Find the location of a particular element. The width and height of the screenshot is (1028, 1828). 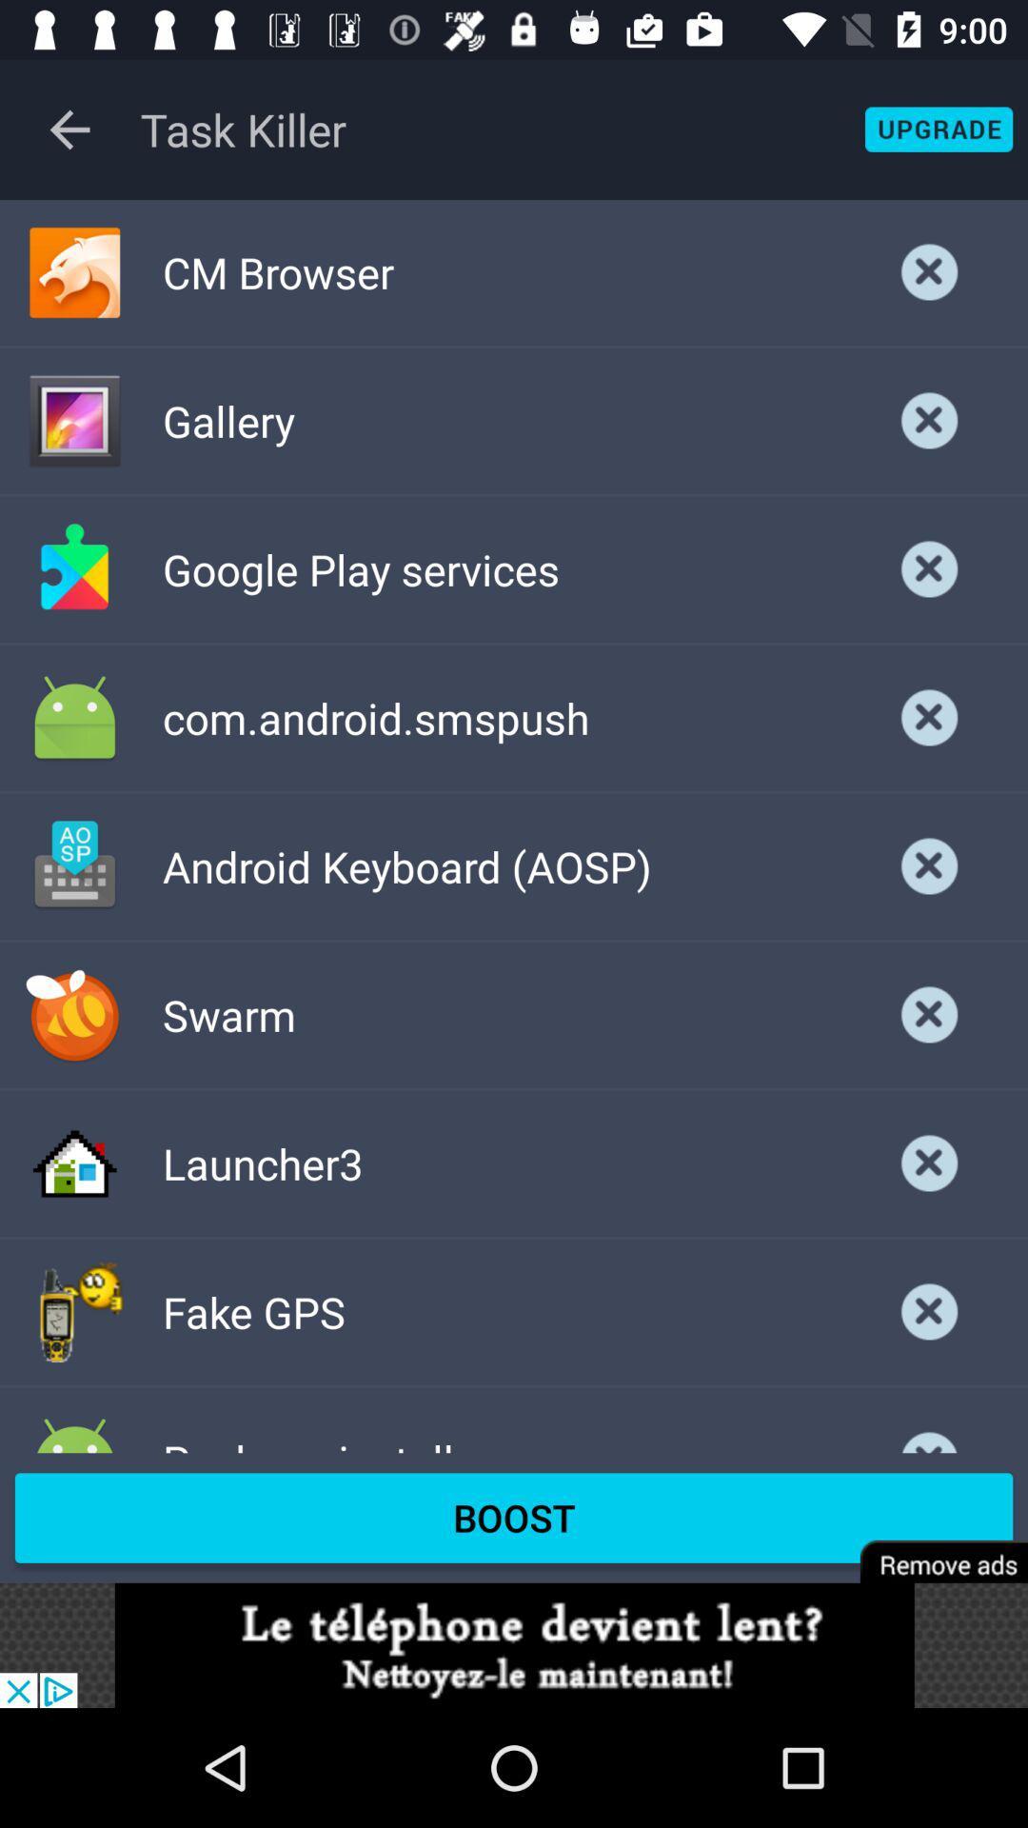

closeing the file is located at coordinates (929, 1162).